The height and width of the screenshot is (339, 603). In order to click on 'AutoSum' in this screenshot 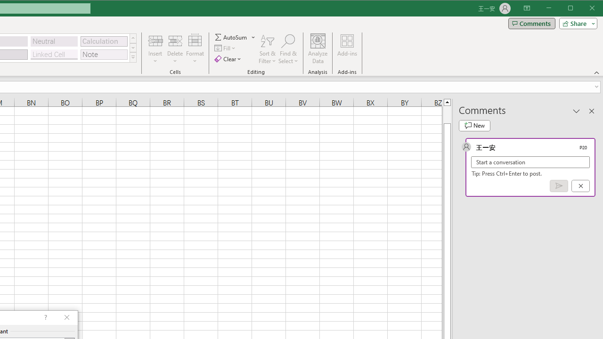, I will do `click(235, 37)`.